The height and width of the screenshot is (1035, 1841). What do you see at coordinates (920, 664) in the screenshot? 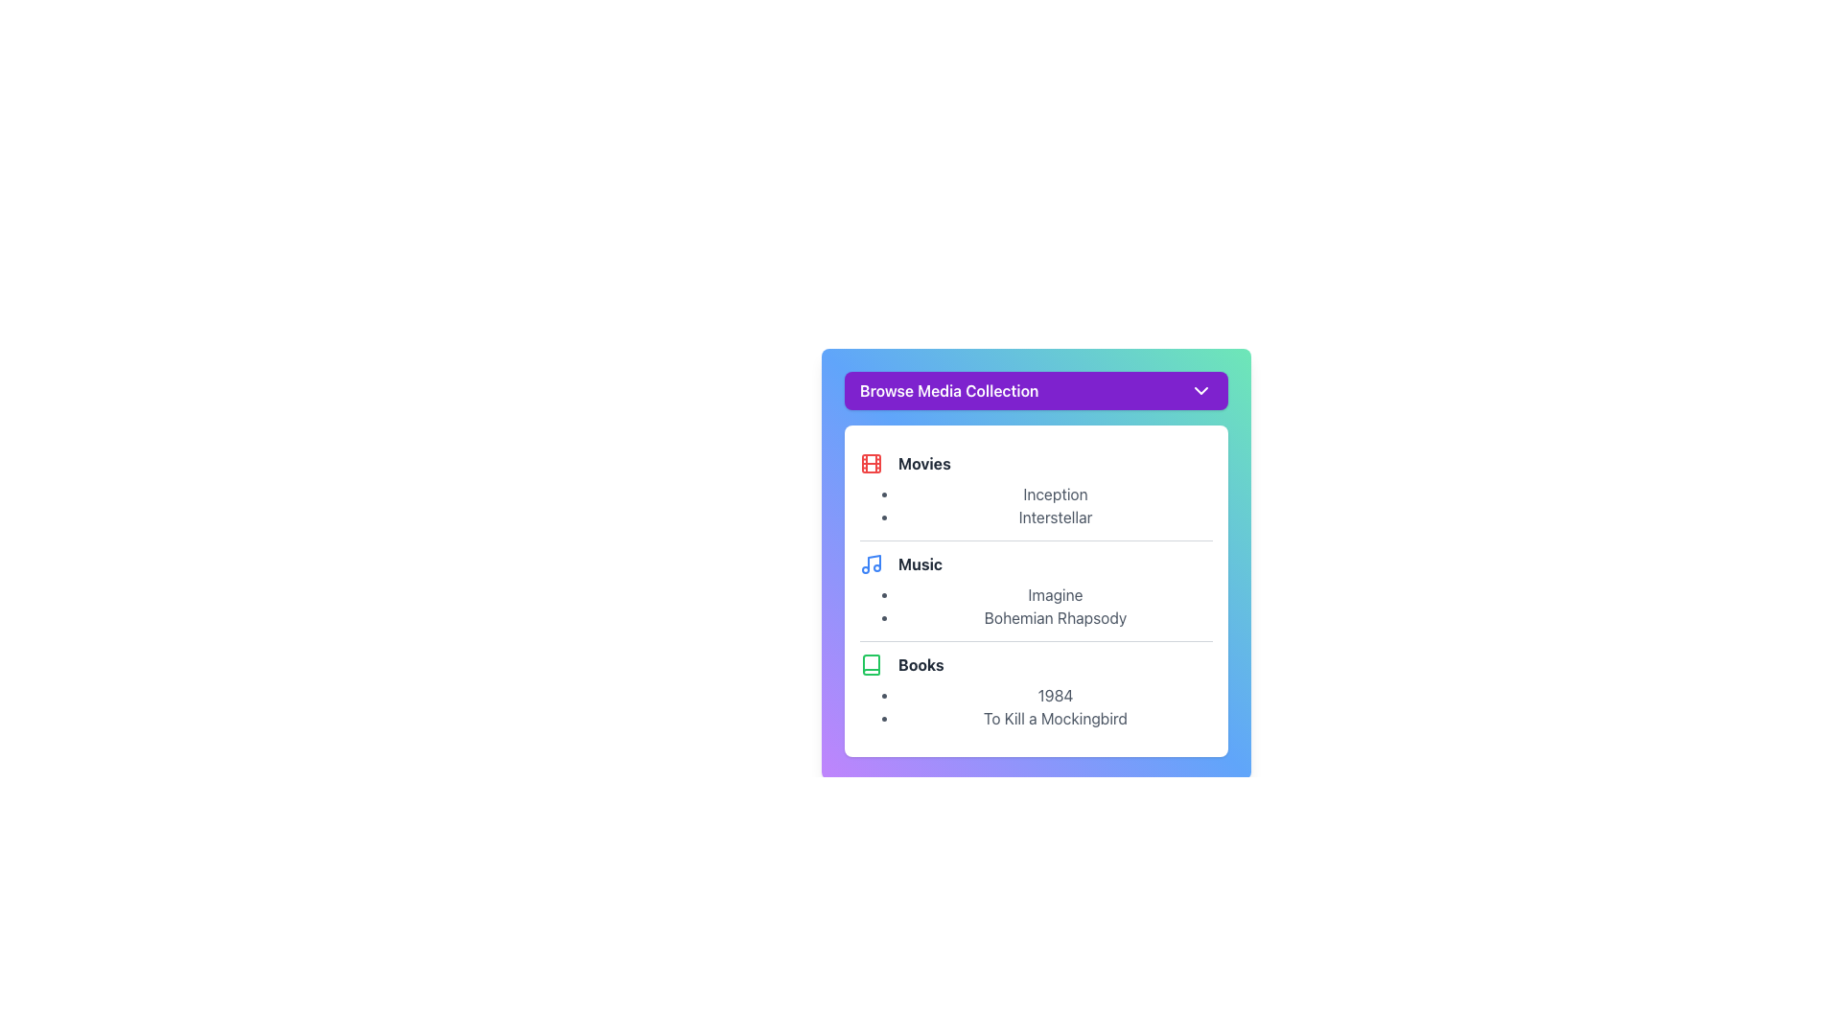
I see `the 'Books' category header text element located under the 'Music' category, to the right of a green book icon` at bounding box center [920, 664].